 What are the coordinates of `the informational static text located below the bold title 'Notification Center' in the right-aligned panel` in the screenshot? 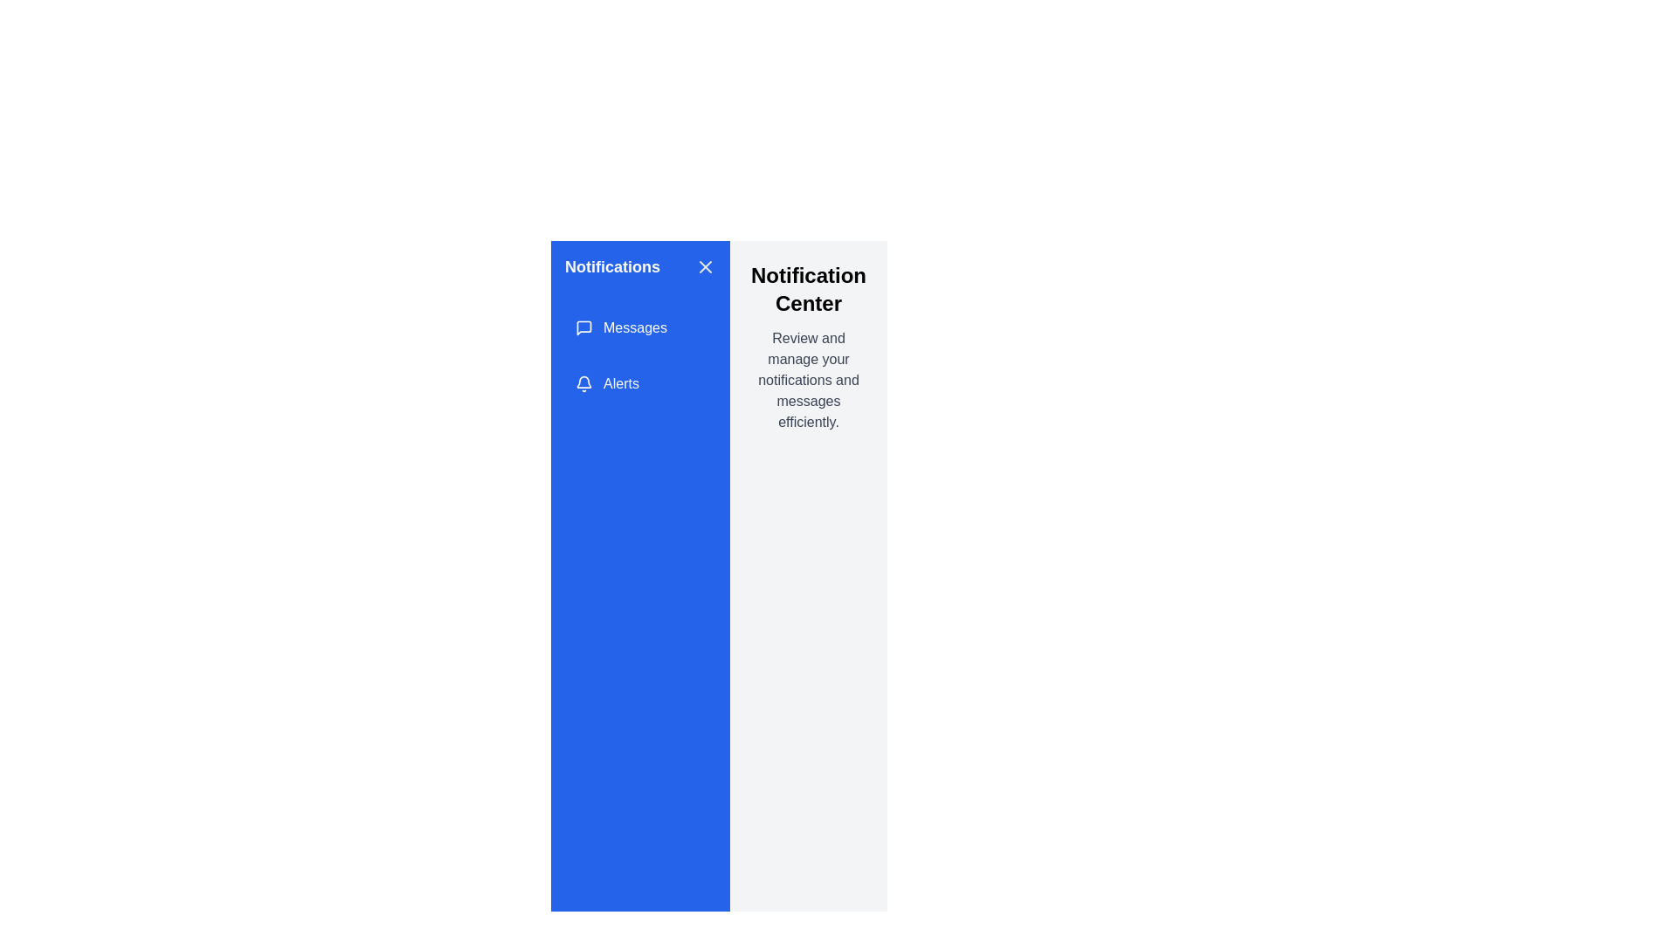 It's located at (808, 379).